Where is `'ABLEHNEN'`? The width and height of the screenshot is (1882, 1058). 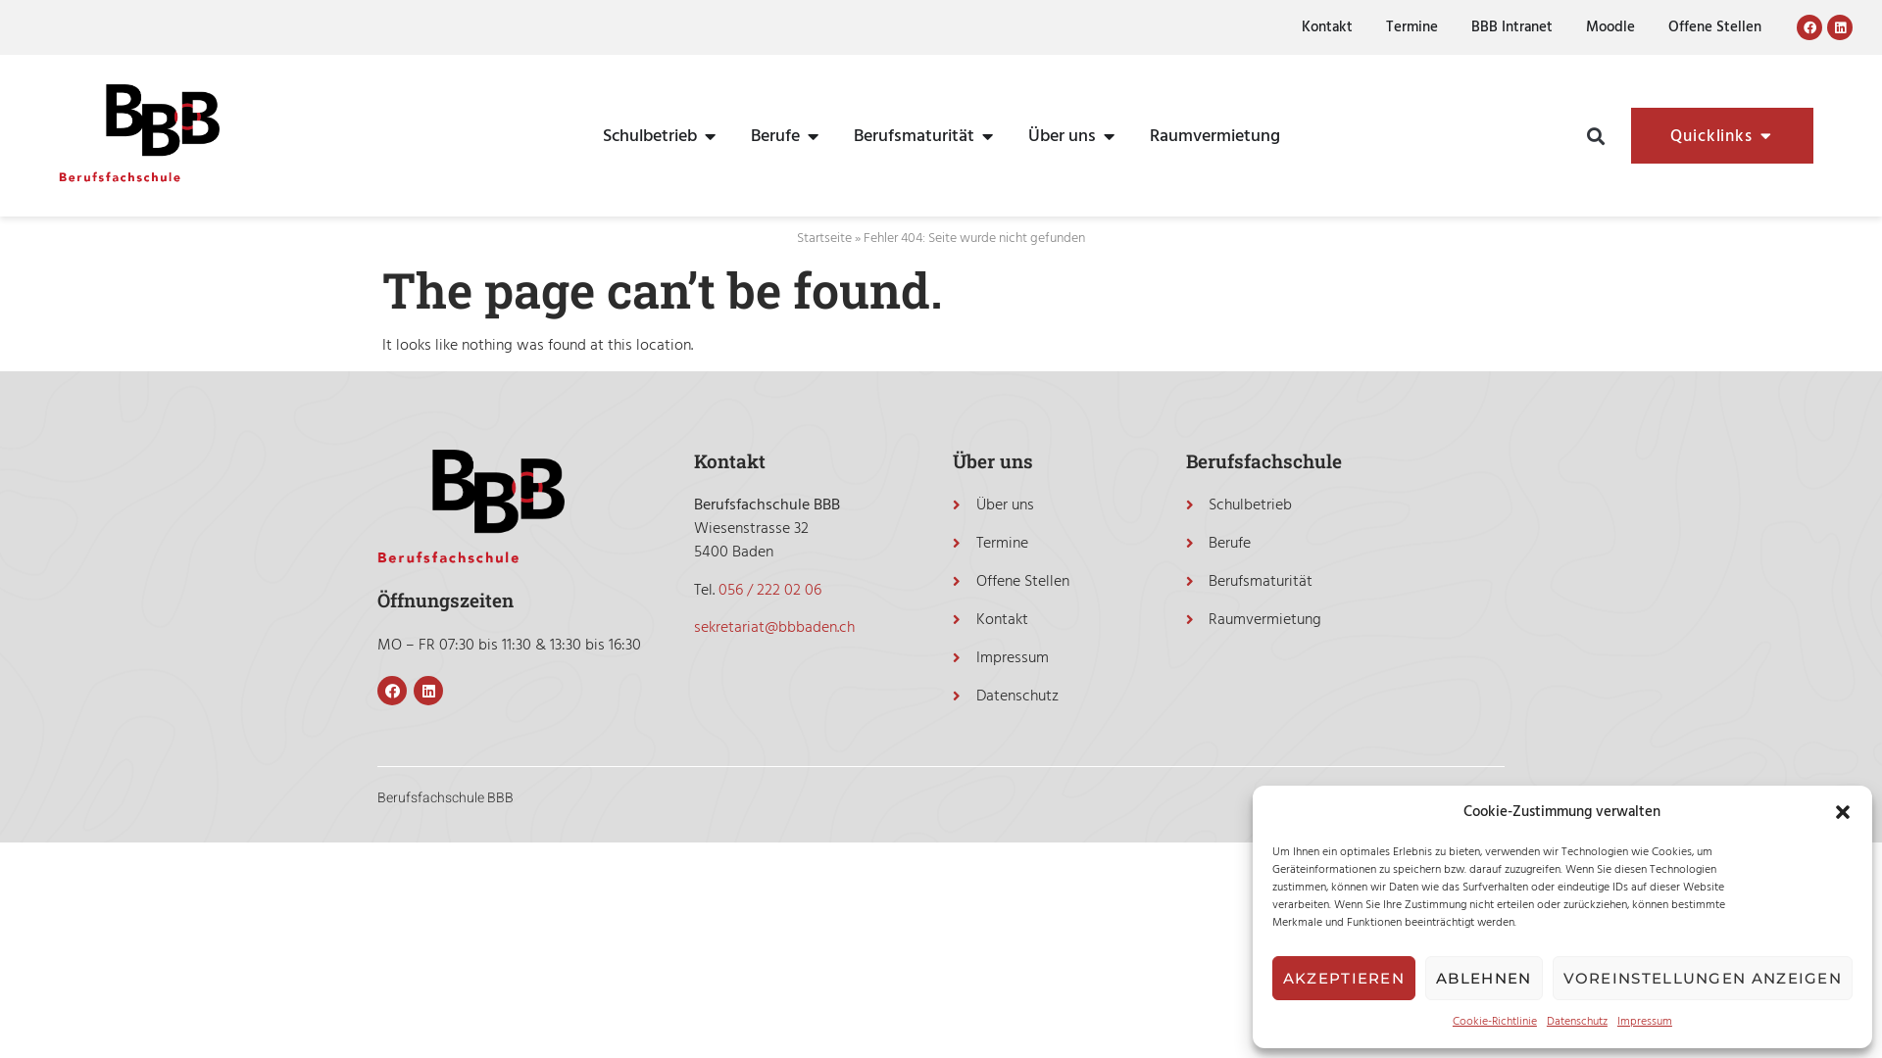
'ABLEHNEN' is located at coordinates (1483, 978).